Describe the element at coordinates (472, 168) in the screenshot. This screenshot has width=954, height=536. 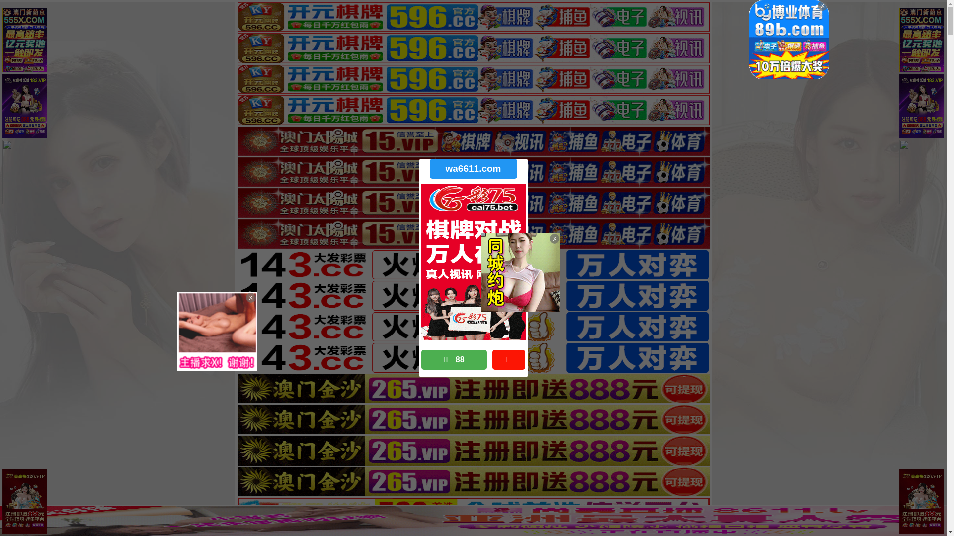
I see `'wa6611.com'` at that location.